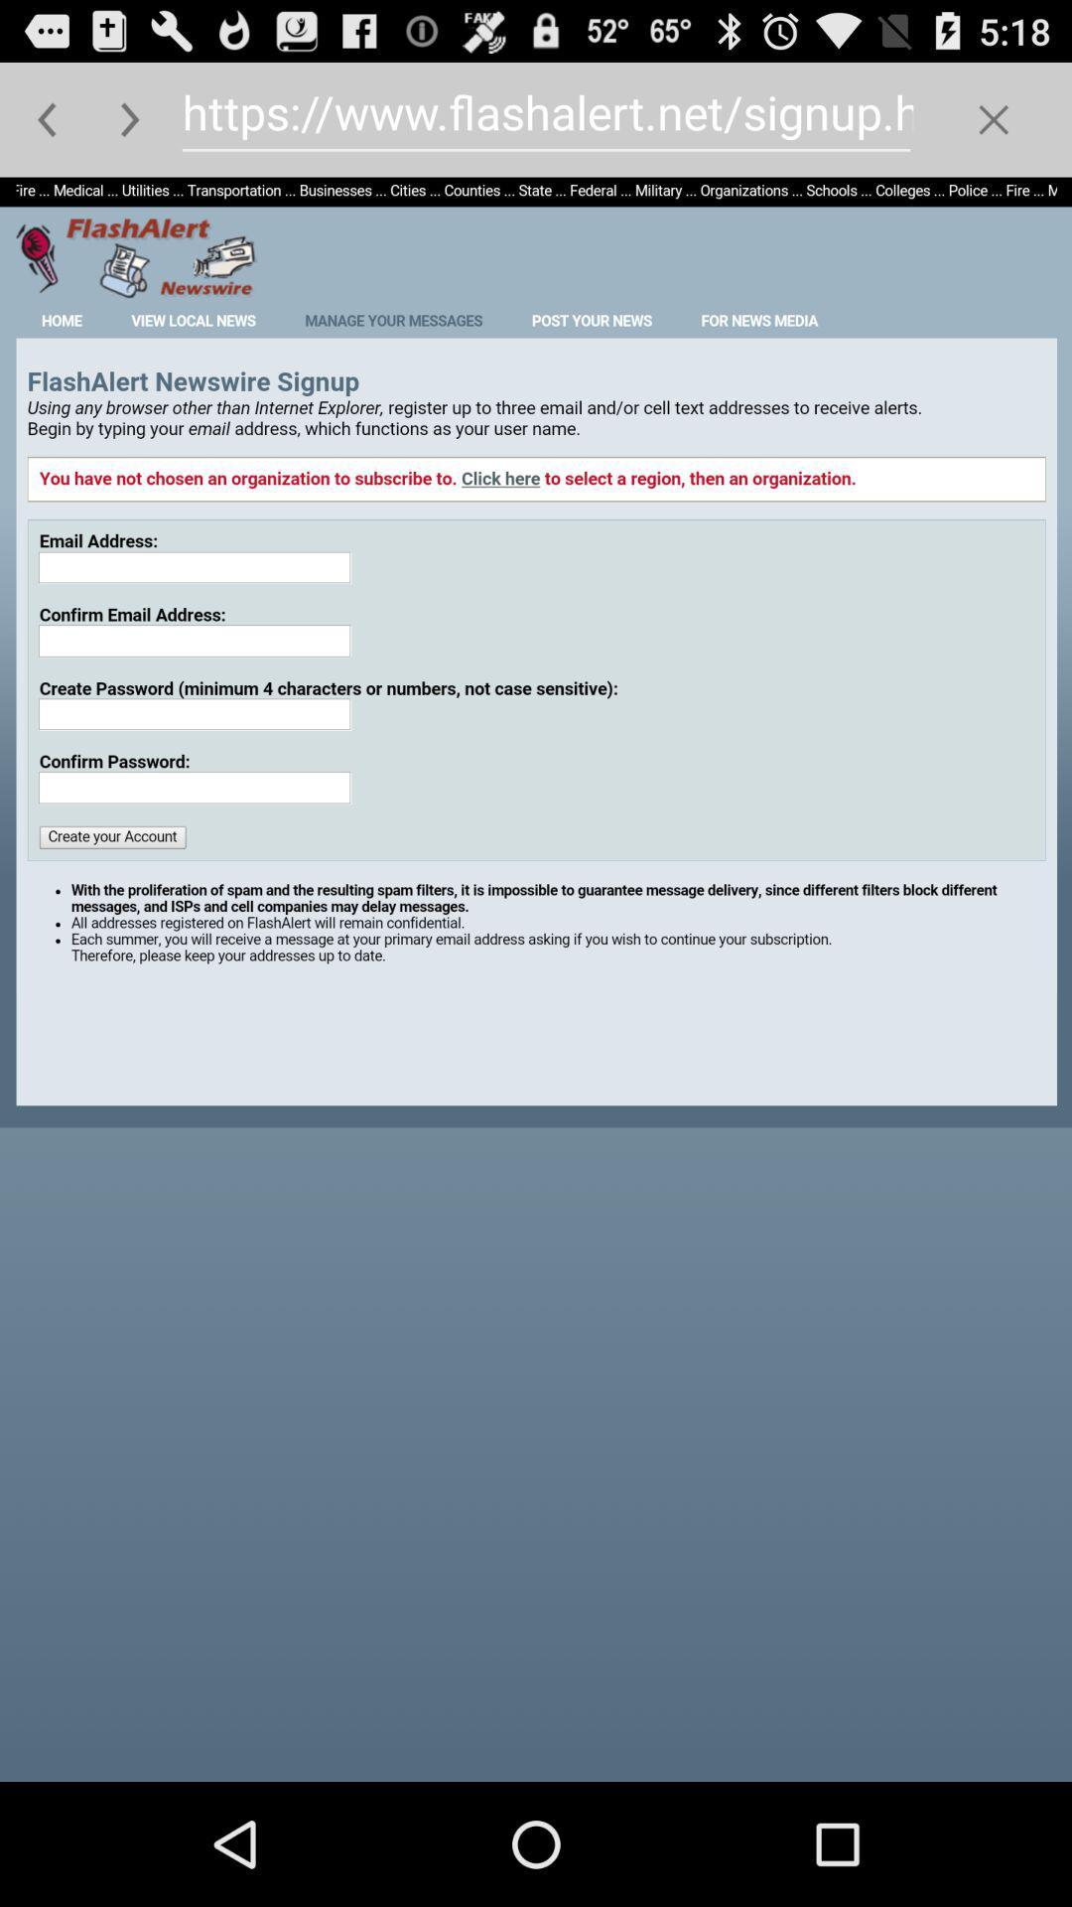 The width and height of the screenshot is (1072, 1907). I want to click on close, so click(994, 118).